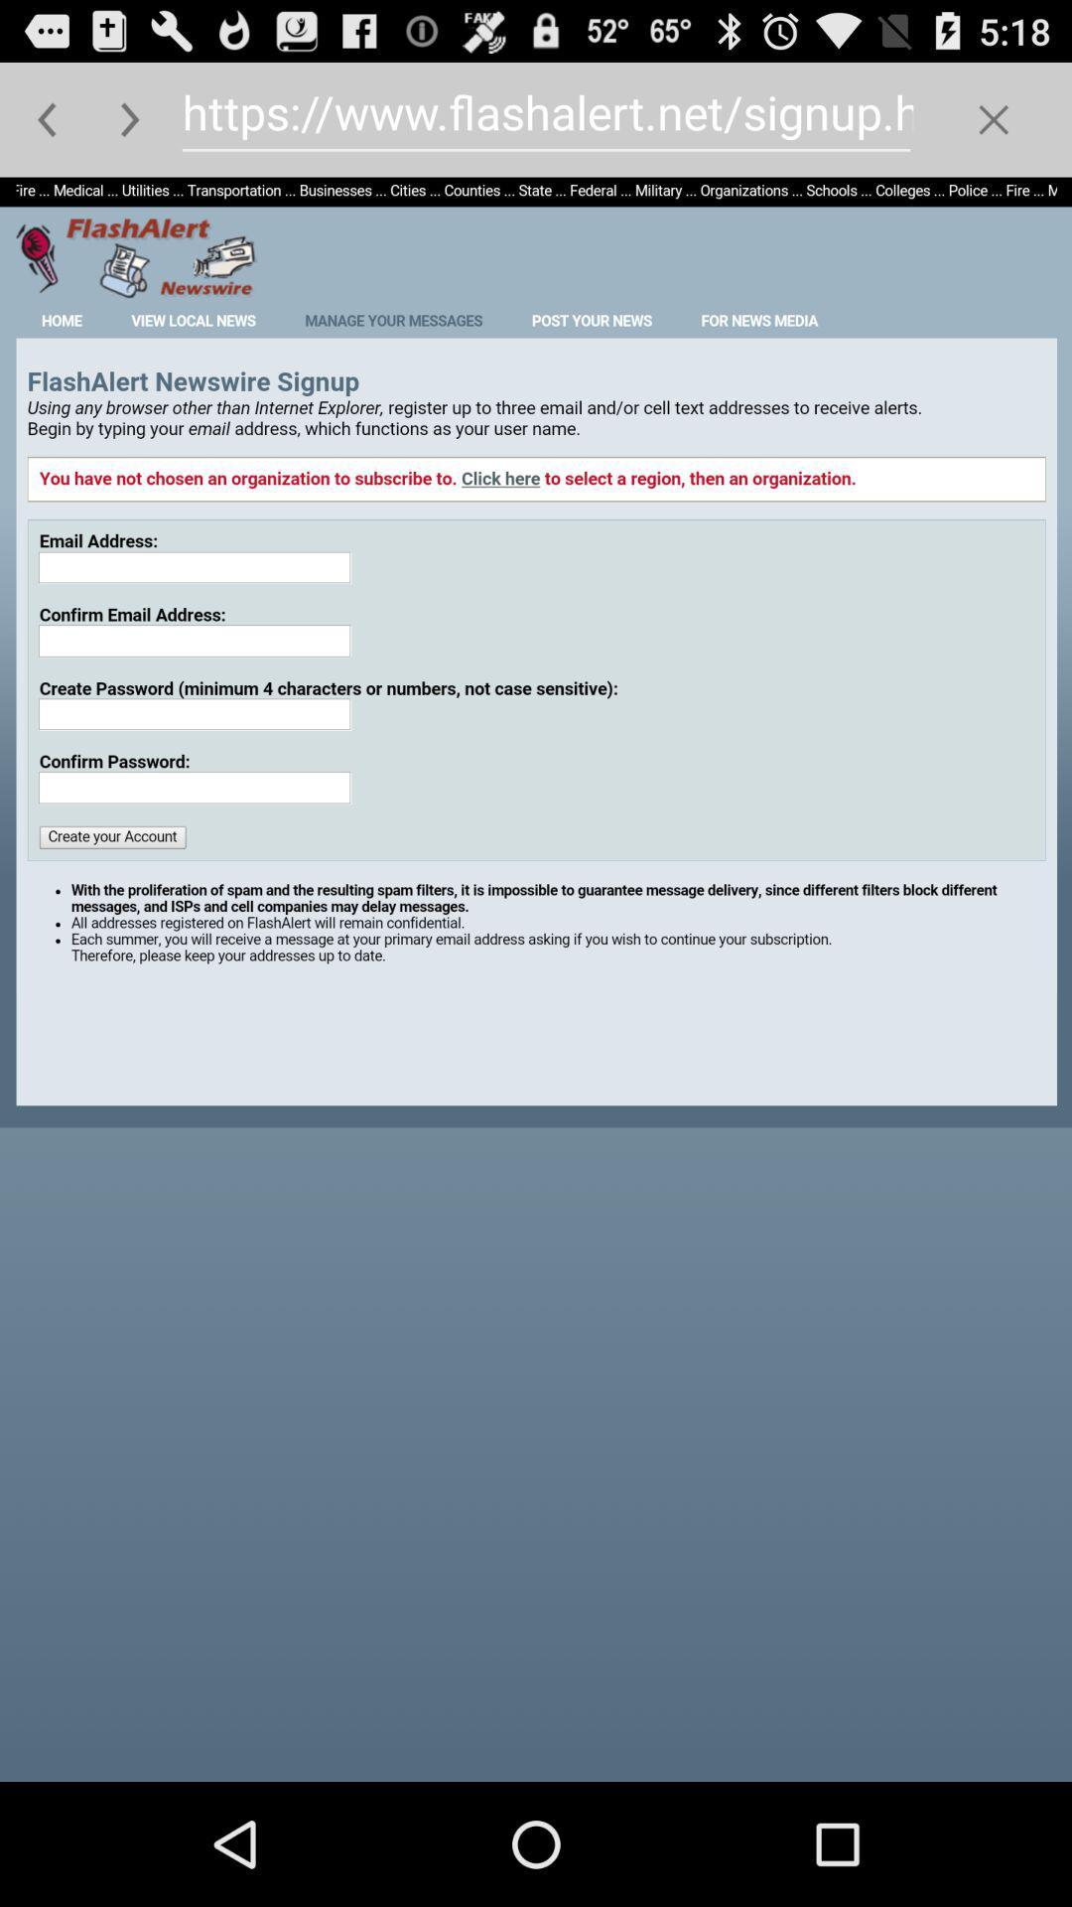 The width and height of the screenshot is (1072, 1907). I want to click on close, so click(994, 118).